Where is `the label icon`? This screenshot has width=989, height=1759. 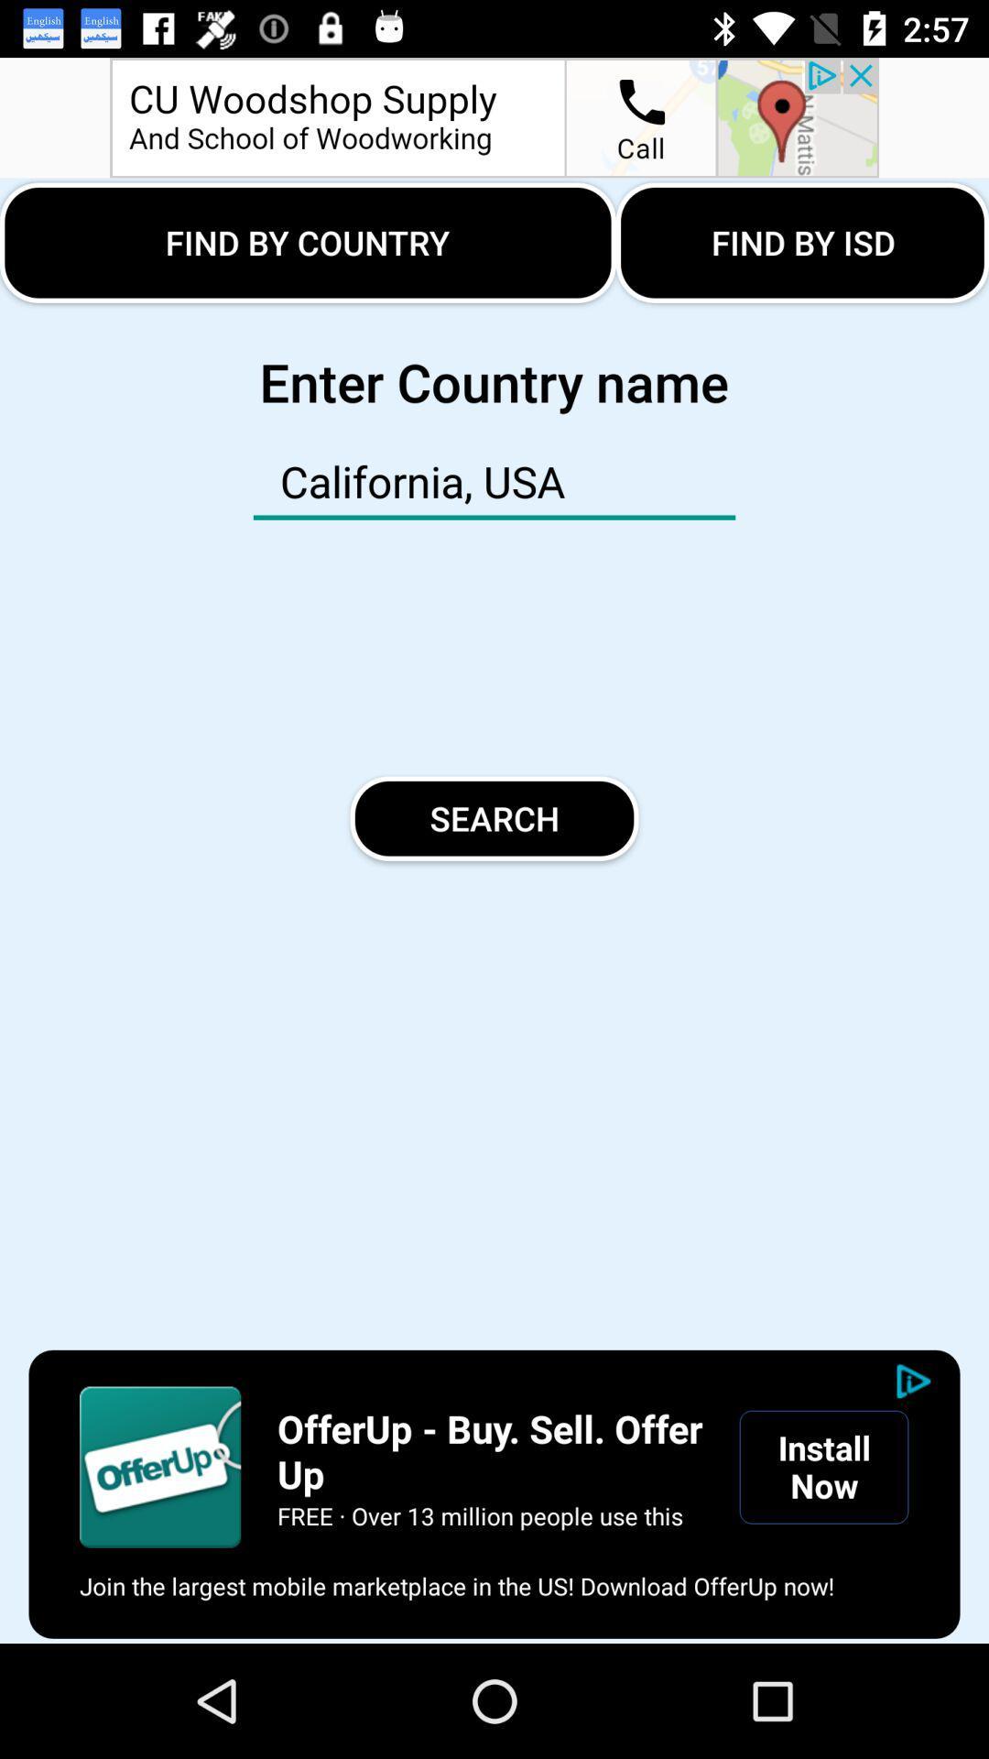 the label icon is located at coordinates (159, 1467).